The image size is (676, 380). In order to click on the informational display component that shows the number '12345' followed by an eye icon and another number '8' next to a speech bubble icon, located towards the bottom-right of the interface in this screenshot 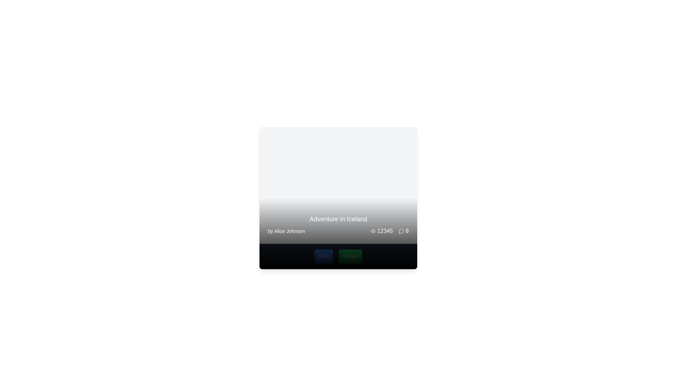, I will do `click(389, 231)`.